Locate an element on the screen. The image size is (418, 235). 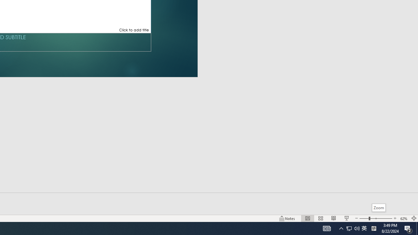
'Zoom 62%' is located at coordinates (404, 218).